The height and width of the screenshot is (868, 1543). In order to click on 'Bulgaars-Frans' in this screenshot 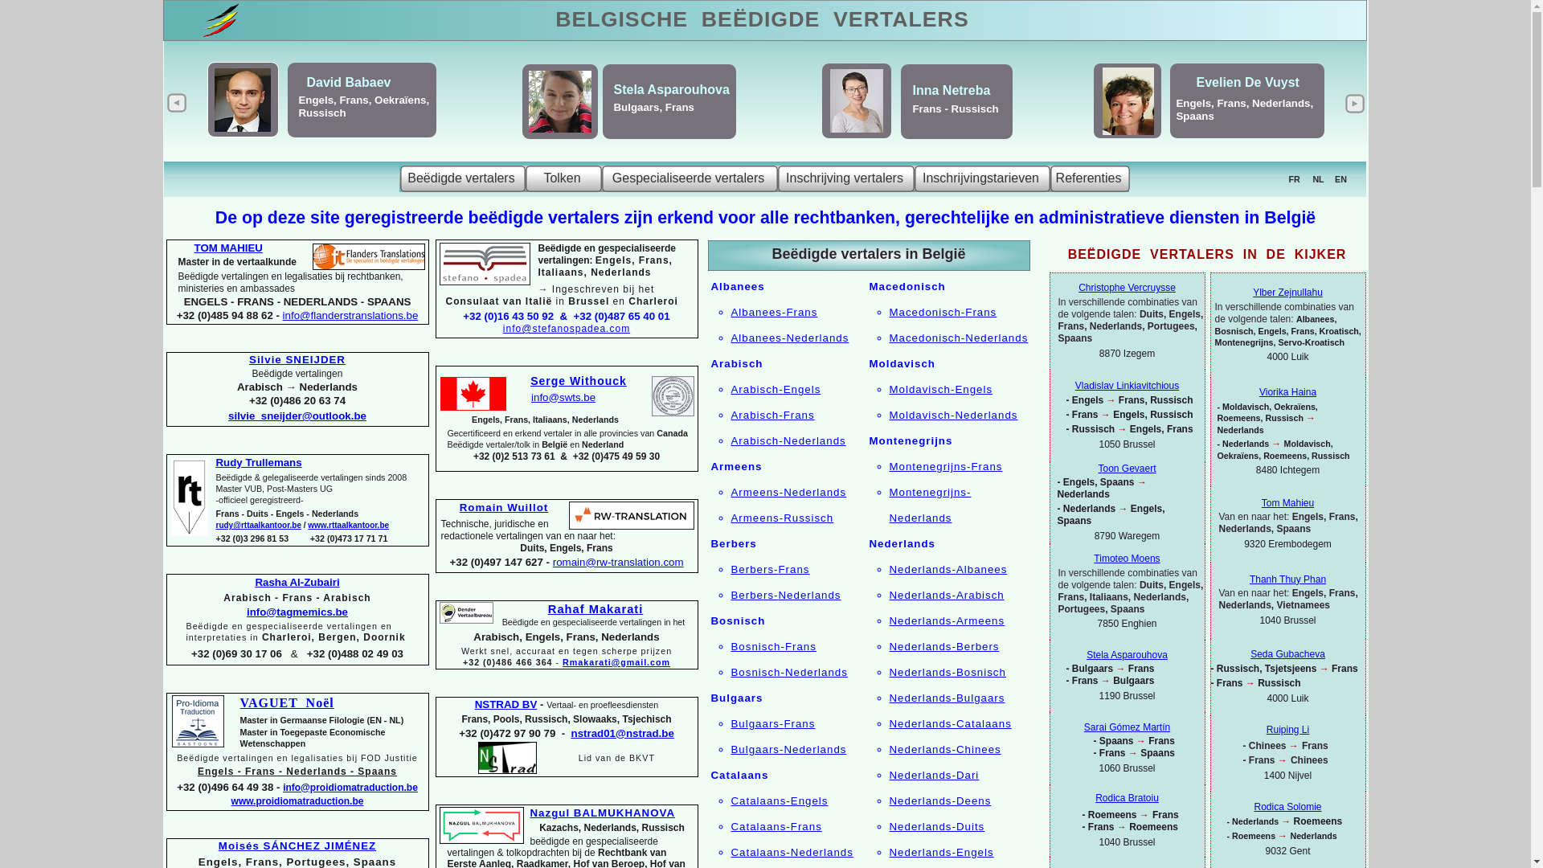, I will do `click(731, 723)`.